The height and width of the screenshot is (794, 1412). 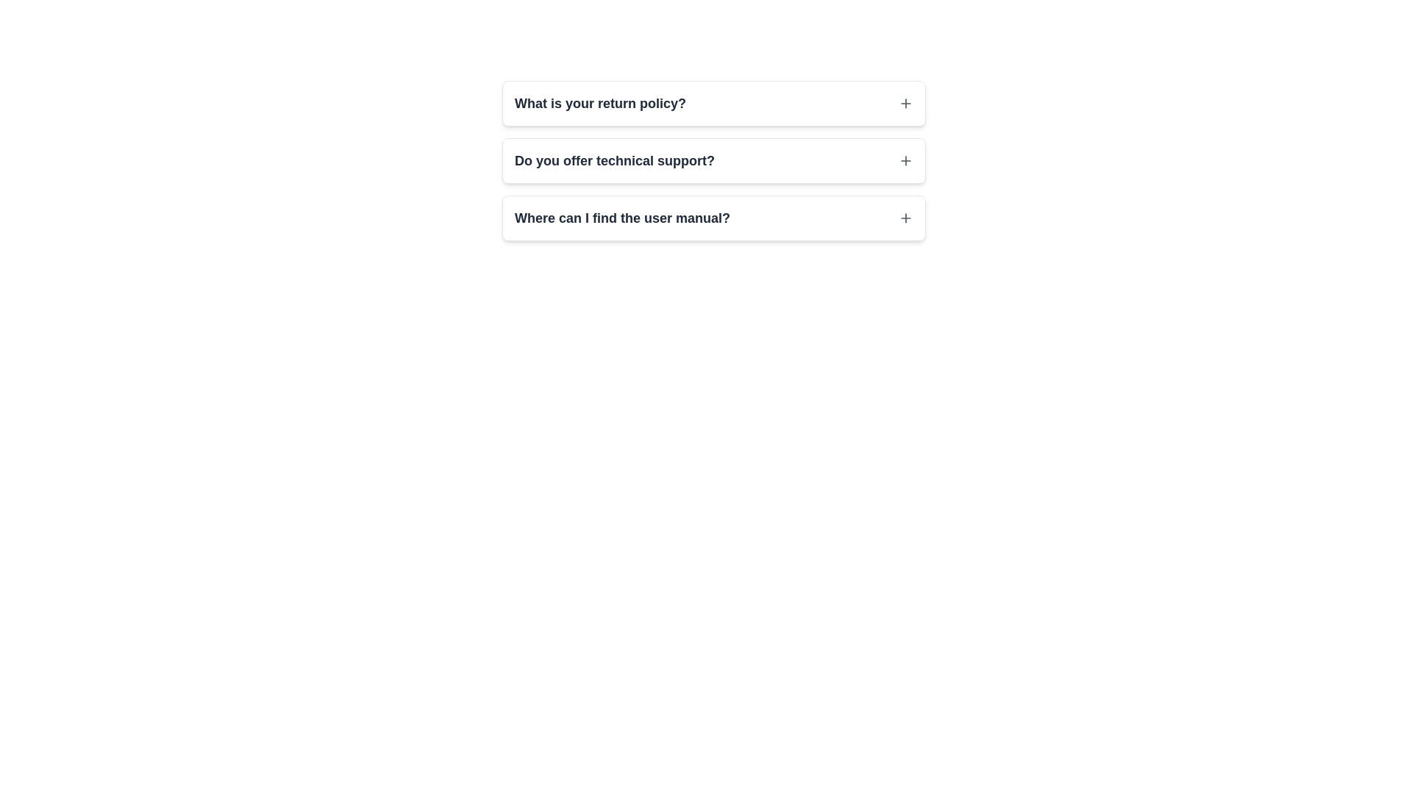 I want to click on the expandable list item for the question 'What is your return policy?', so click(x=713, y=103).